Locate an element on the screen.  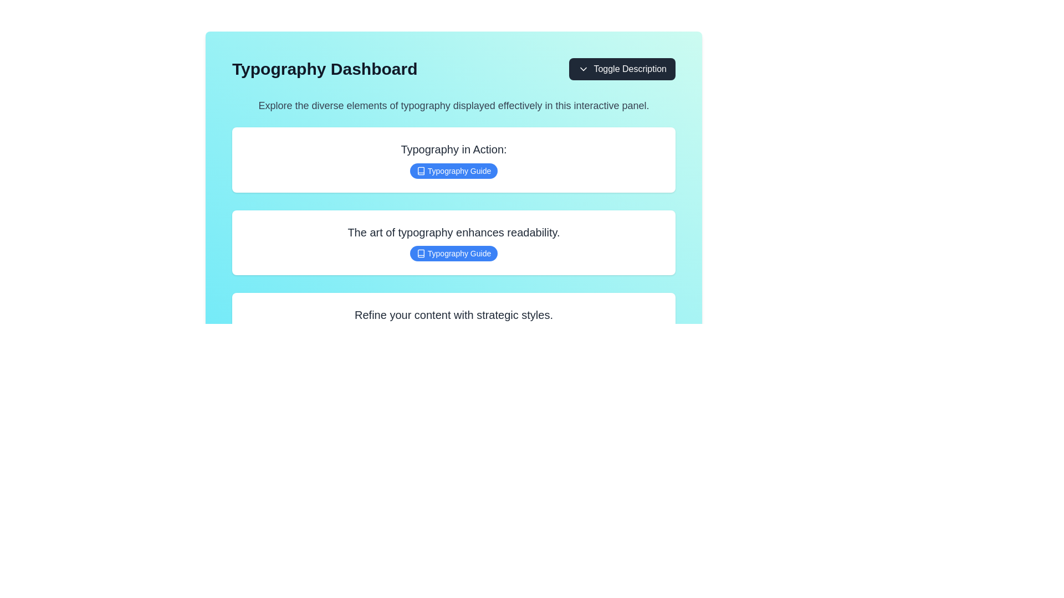
the small button labeled 'Typography Guide' with a blue background and white text, located below the text 'The art of typography enhances readability.' is located at coordinates (454, 254).